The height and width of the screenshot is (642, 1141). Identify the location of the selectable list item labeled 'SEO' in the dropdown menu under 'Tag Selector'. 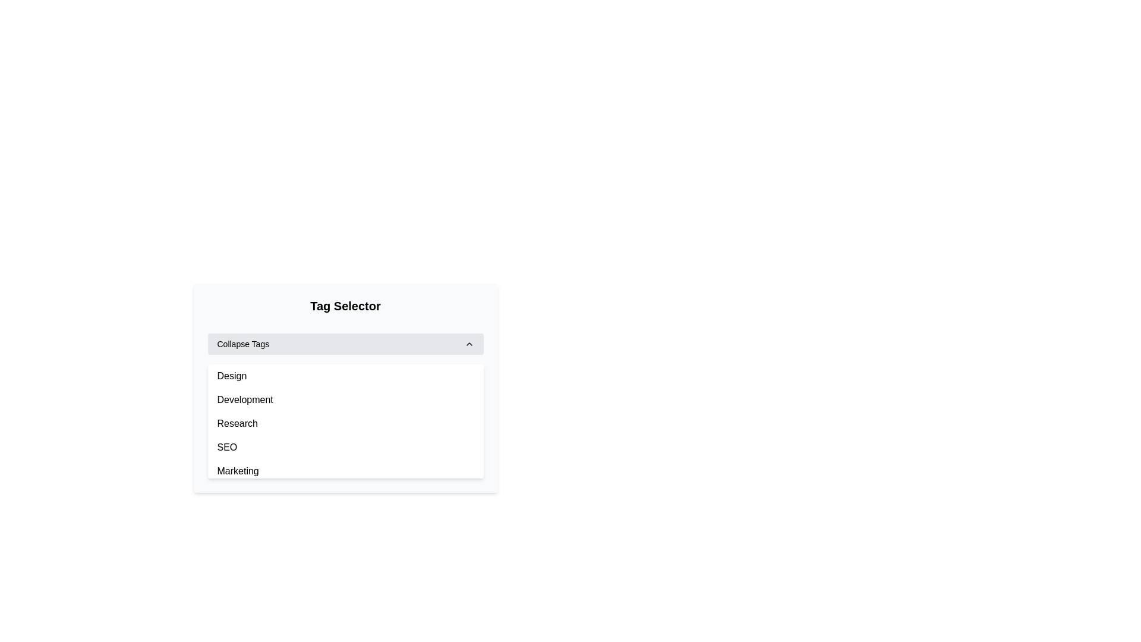
(227, 447).